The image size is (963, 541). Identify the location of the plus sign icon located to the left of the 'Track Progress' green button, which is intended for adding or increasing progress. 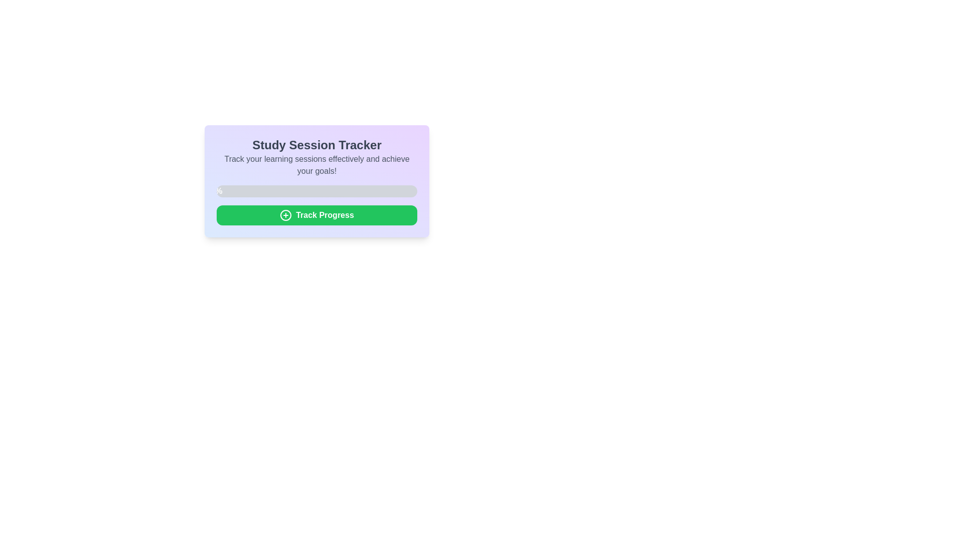
(285, 214).